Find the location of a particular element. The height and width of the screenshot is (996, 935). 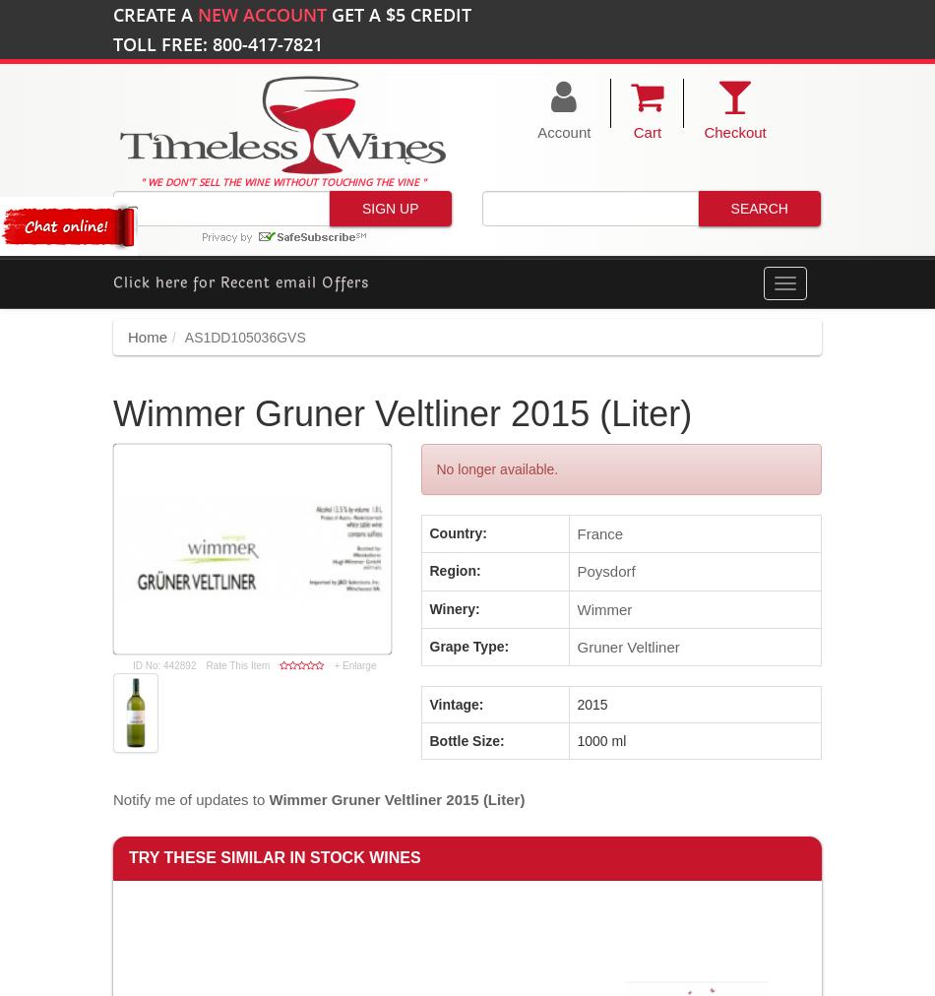

'Region:' is located at coordinates (453, 569).